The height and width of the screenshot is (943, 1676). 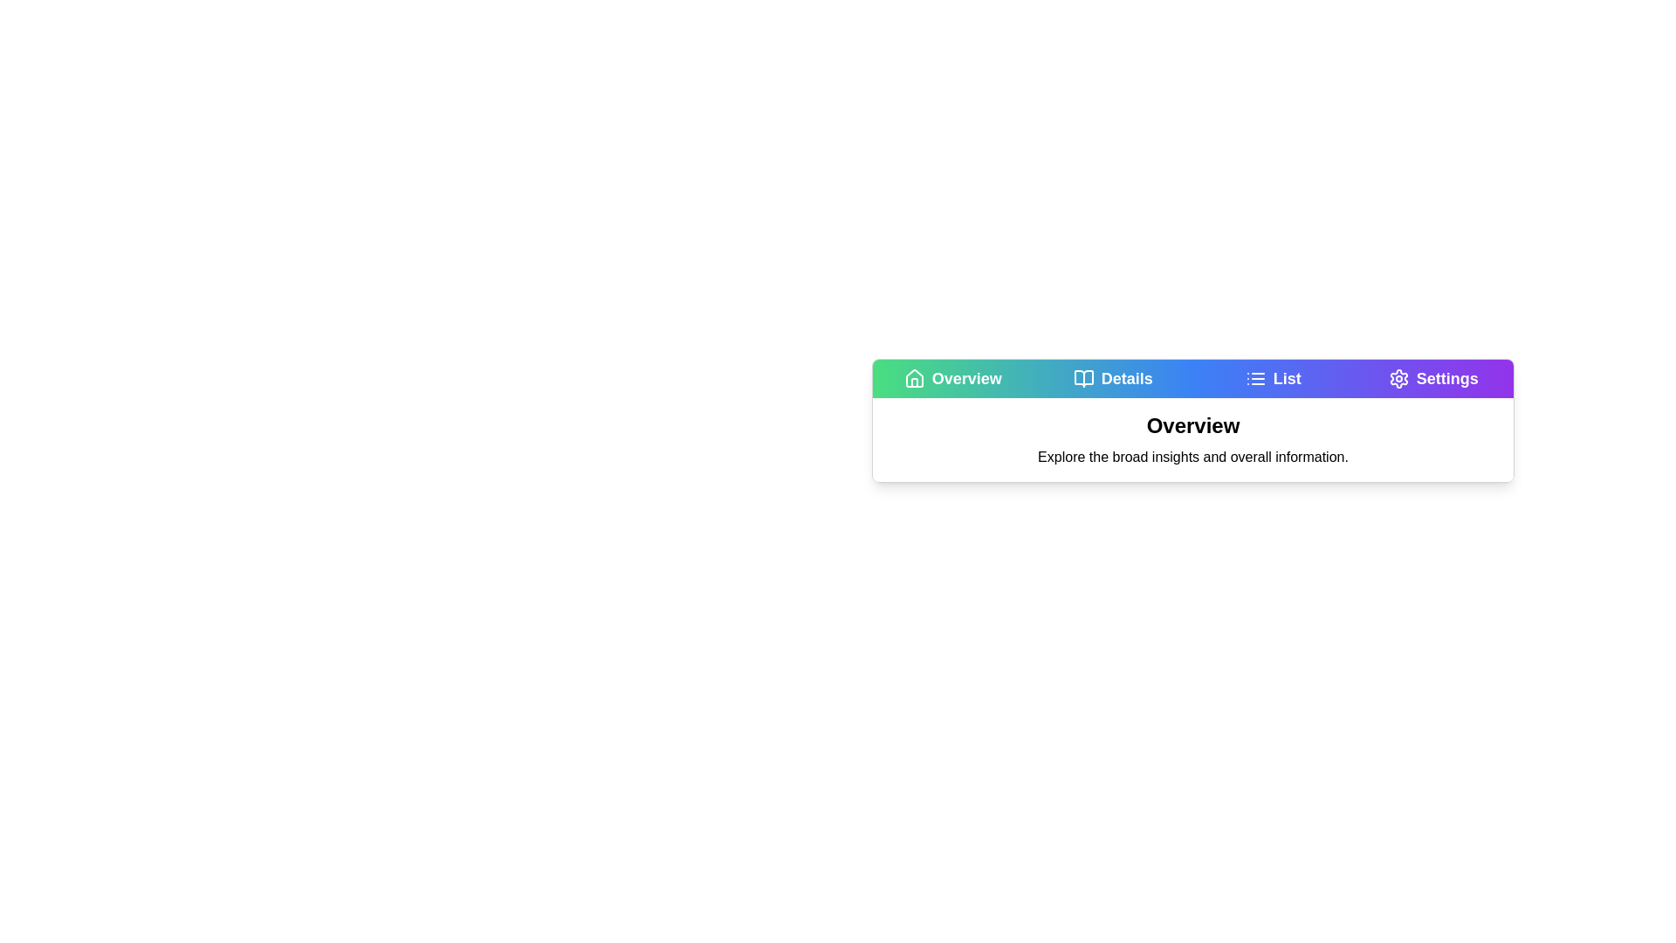 What do you see at coordinates (1254, 378) in the screenshot?
I see `the list icon, which is composed of three horizontal lines, located in the menu bar` at bounding box center [1254, 378].